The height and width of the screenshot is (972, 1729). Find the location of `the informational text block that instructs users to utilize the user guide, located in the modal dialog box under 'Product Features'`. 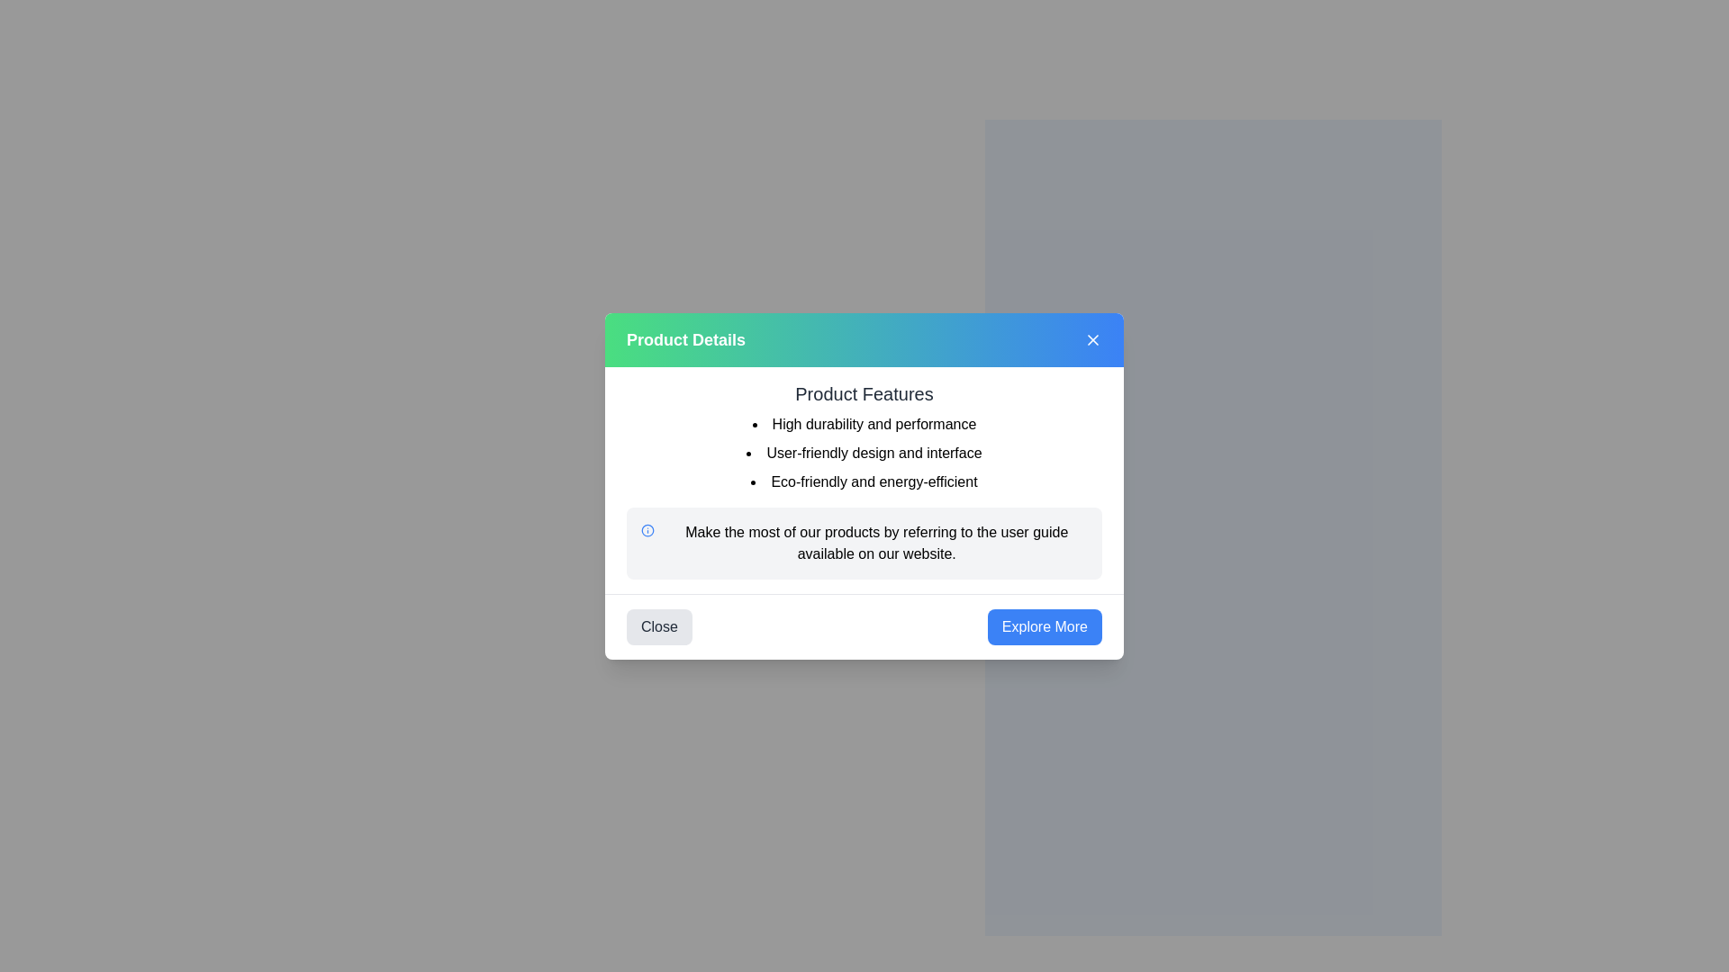

the informational text block that instructs users to utilize the user guide, located in the modal dialog box under 'Product Features' is located at coordinates (876, 542).